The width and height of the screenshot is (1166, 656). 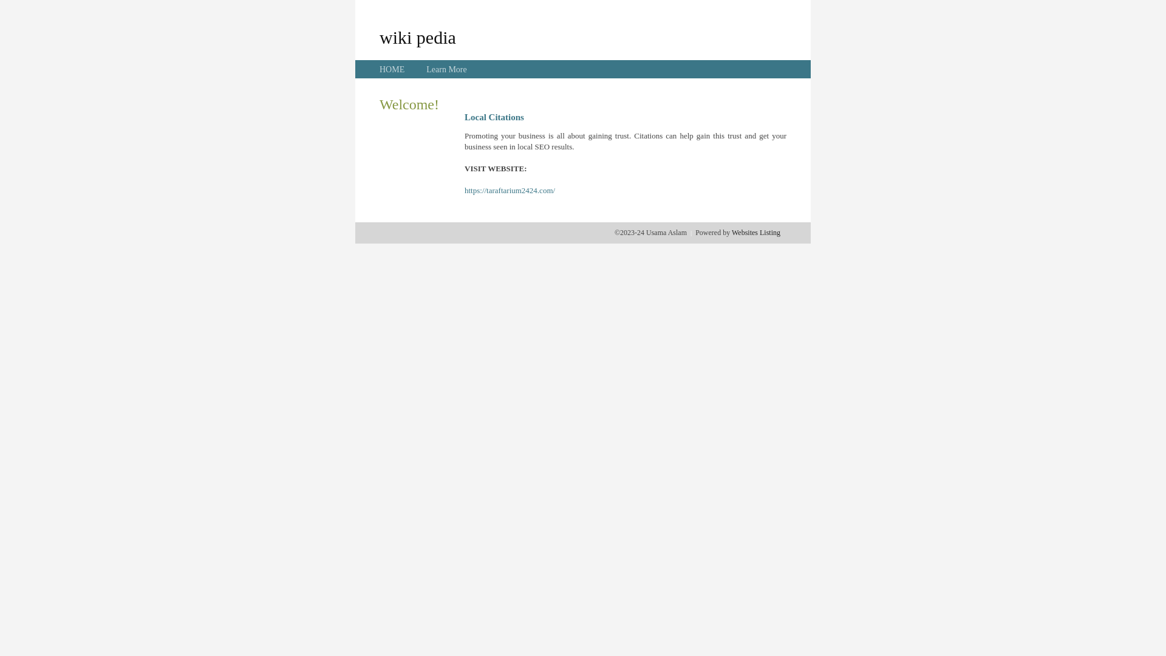 What do you see at coordinates (417, 36) in the screenshot?
I see `'wiki pedia'` at bounding box center [417, 36].